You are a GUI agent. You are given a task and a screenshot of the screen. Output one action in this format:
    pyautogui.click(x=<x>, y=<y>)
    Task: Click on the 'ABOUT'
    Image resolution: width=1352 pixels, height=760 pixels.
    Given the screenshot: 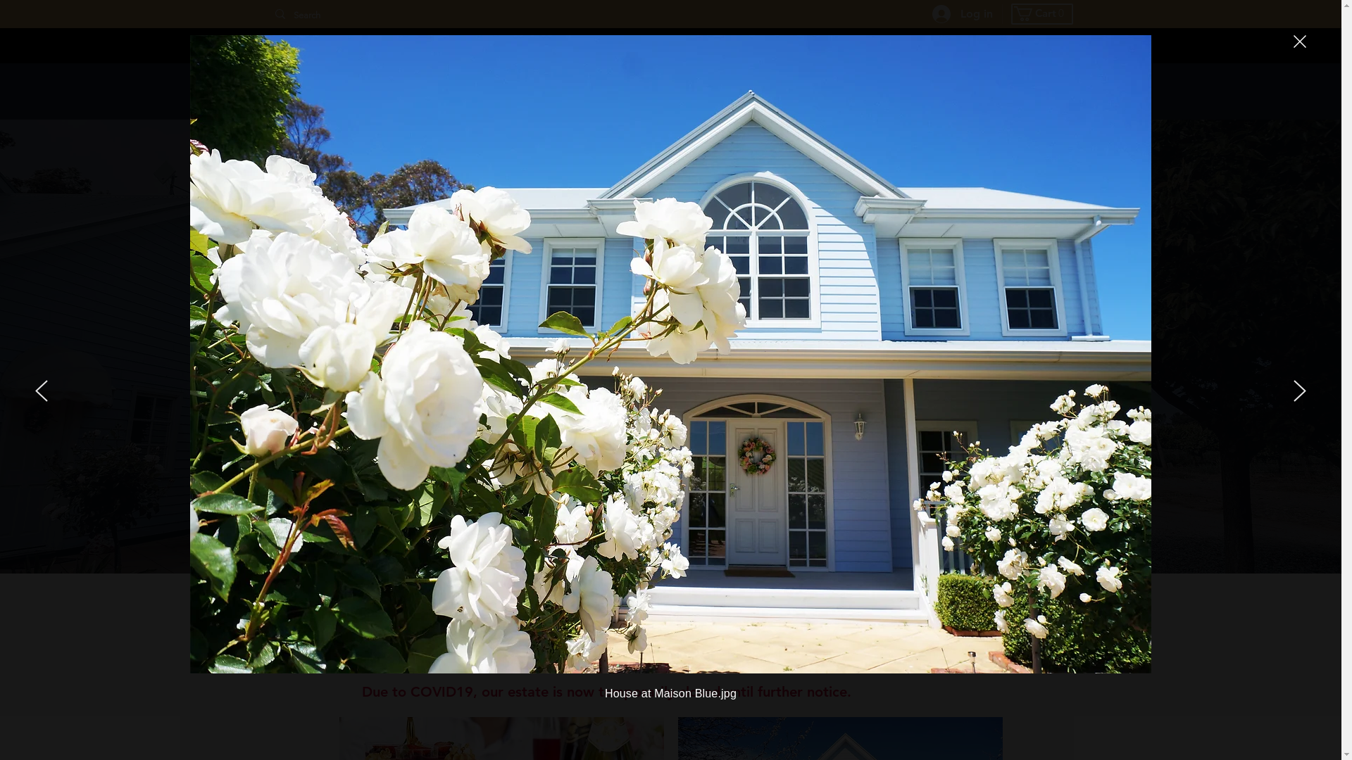 What is the action you would take?
    pyautogui.click(x=1012, y=91)
    